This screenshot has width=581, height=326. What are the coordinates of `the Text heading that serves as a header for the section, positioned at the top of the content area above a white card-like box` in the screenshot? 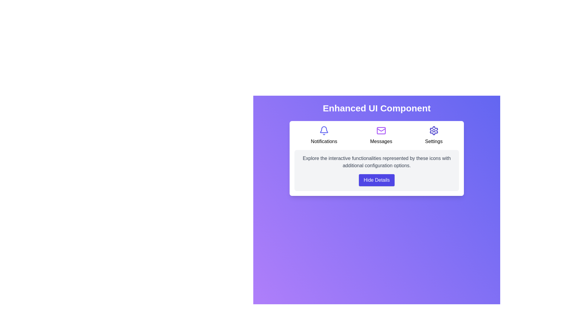 It's located at (376, 108).